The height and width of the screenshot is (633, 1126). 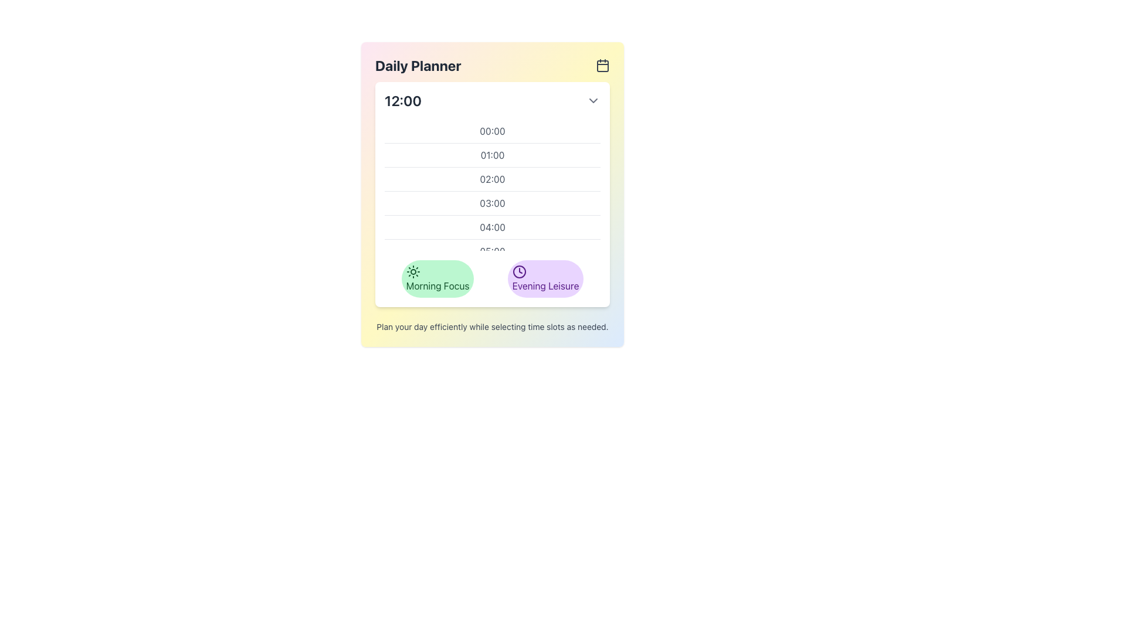 What do you see at coordinates (602, 65) in the screenshot?
I see `the calendar icon located at the top-right corner of the 'Daily Planner' title section, which features a minimalist design with a rectangular shape and two small vertical lines at the top` at bounding box center [602, 65].